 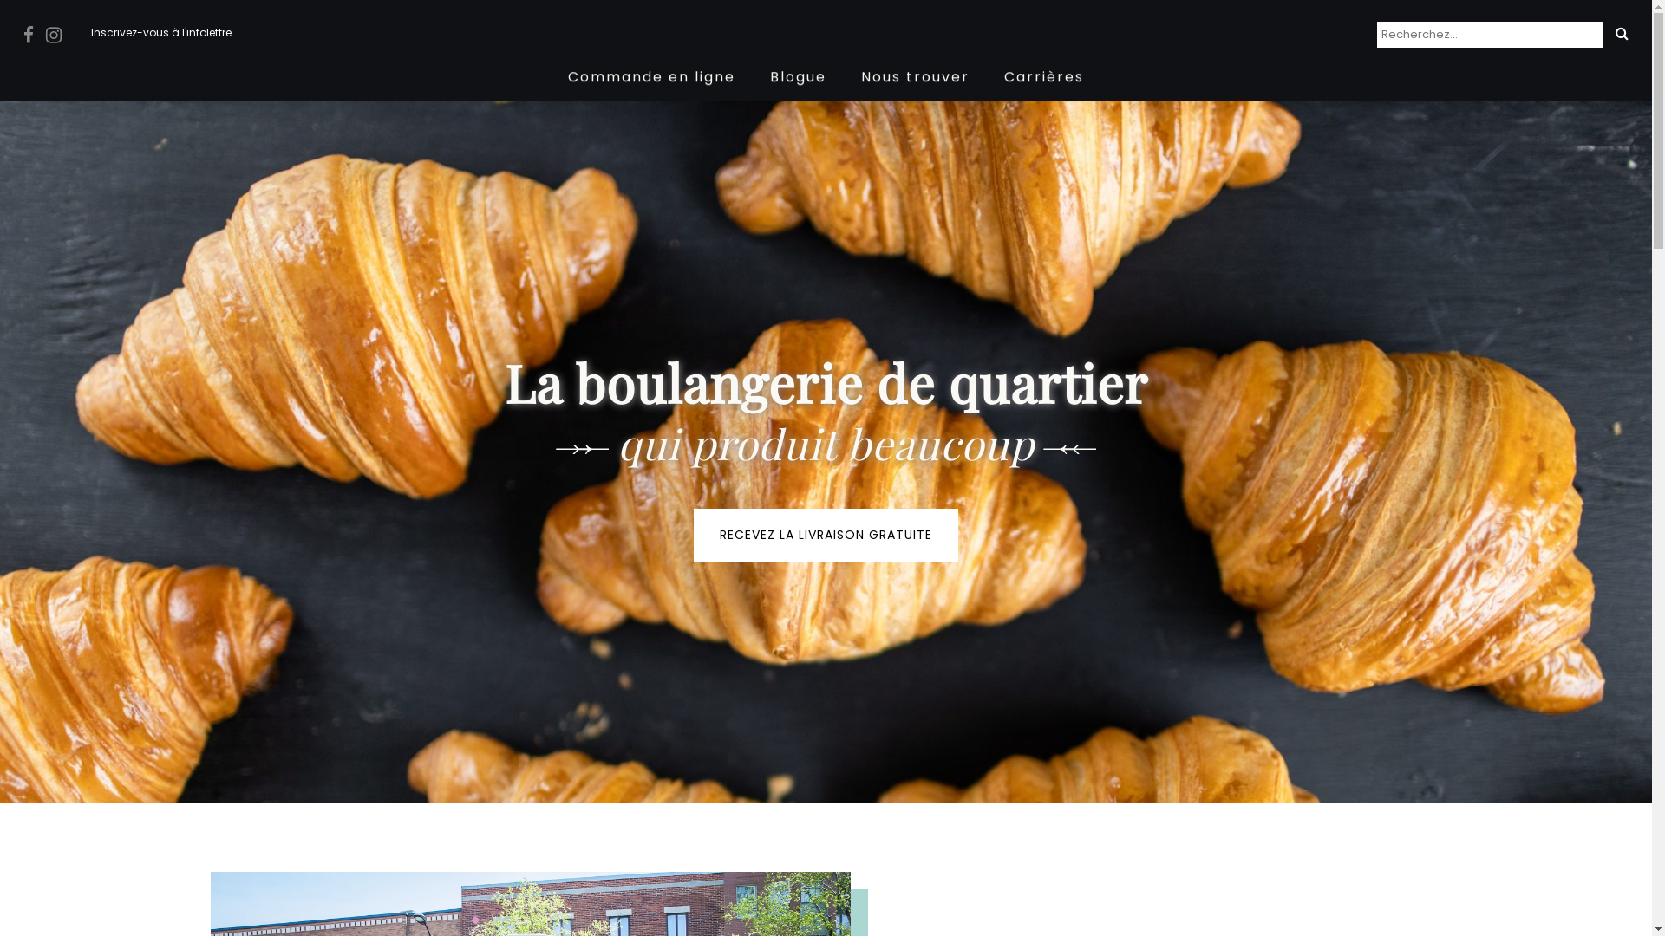 What do you see at coordinates (914, 75) in the screenshot?
I see `'Nous trouver'` at bounding box center [914, 75].